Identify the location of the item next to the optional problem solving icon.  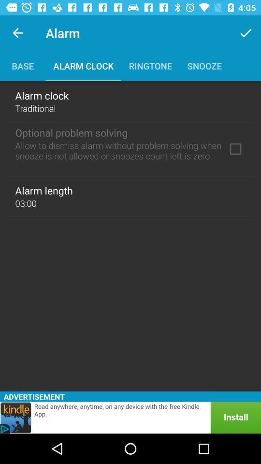
(235, 149).